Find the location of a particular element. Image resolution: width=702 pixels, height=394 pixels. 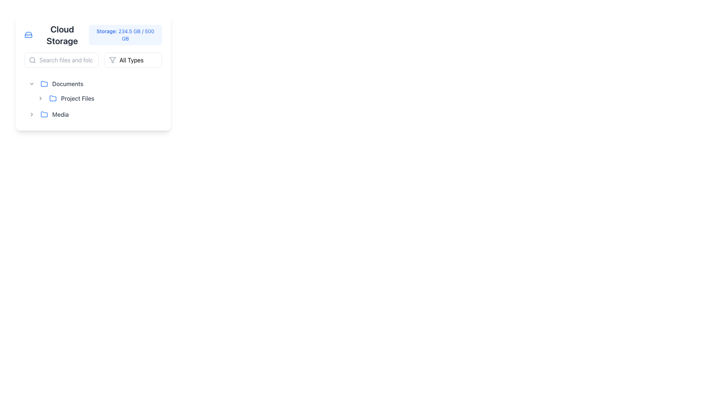

the decorative icon representing the storage feature, located in the upper left corner next to the 'Cloud Storage' label is located at coordinates (29, 35).